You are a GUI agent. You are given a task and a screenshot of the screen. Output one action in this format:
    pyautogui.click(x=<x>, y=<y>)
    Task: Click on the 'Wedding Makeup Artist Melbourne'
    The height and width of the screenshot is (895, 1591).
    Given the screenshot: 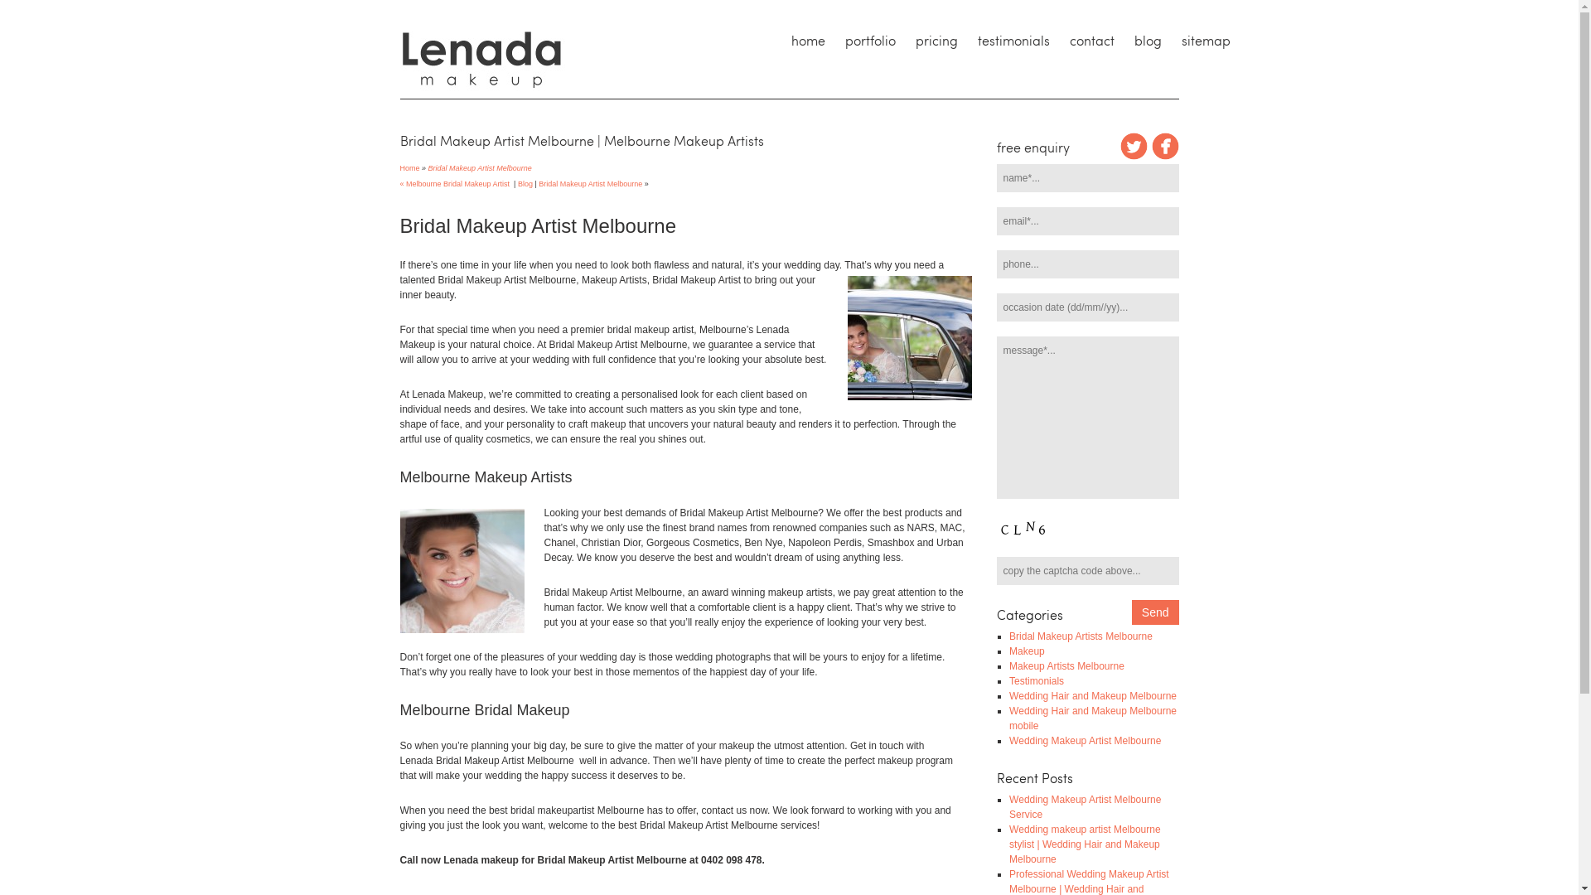 What is the action you would take?
    pyautogui.click(x=1085, y=740)
    